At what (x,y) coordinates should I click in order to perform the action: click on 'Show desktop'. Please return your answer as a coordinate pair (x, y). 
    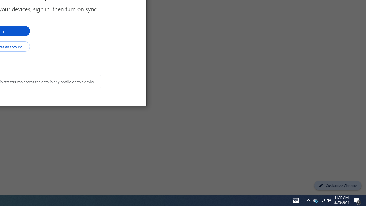
    Looking at the image, I should click on (365, 200).